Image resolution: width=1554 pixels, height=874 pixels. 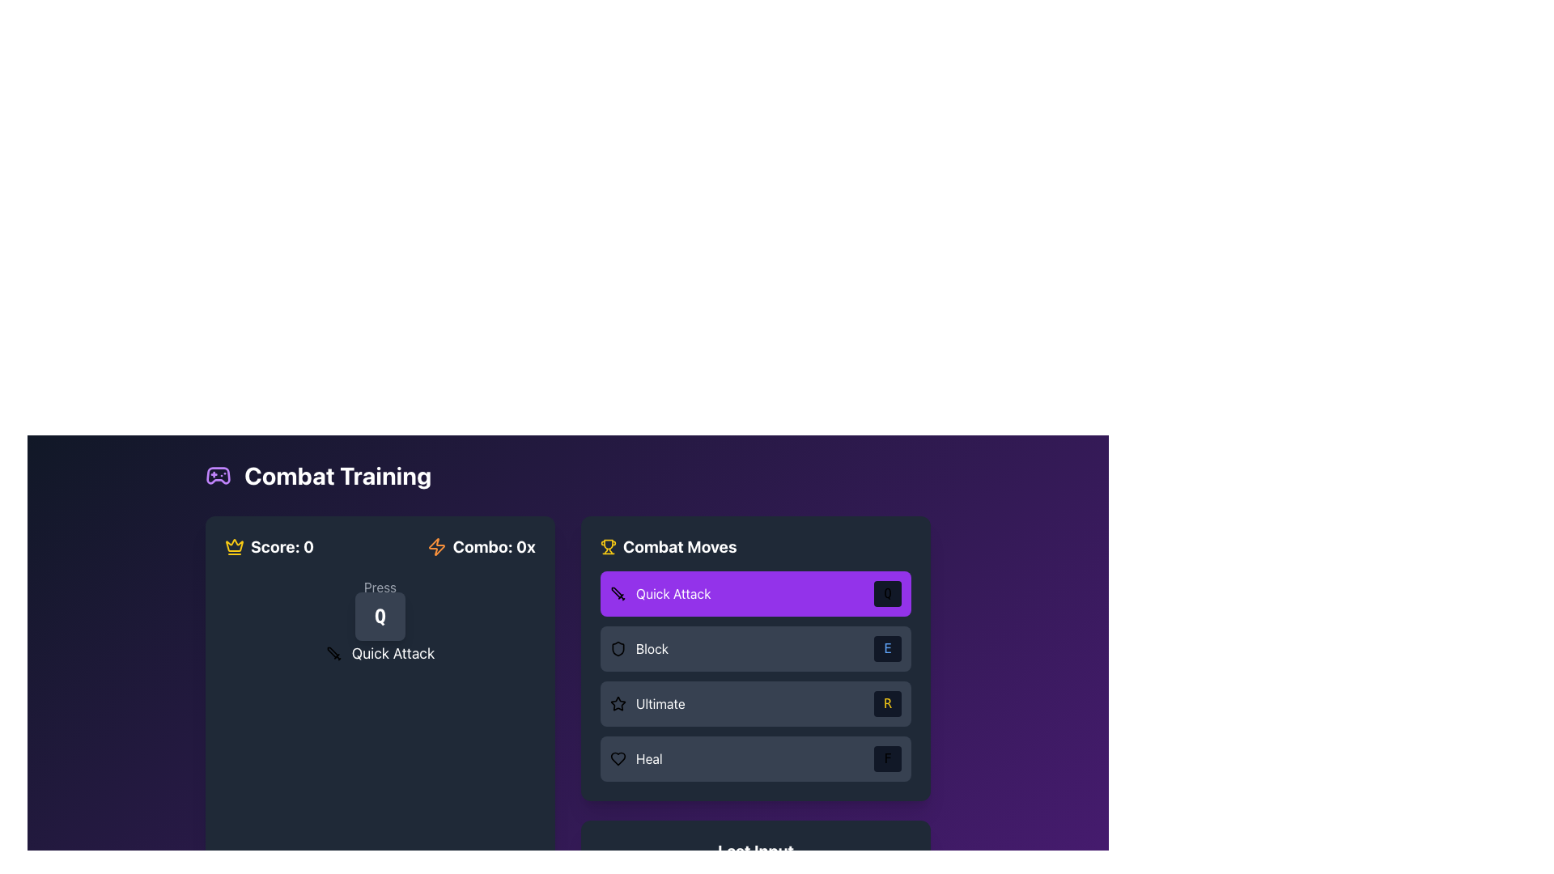 What do you see at coordinates (233, 545) in the screenshot?
I see `the icon representing 'score' or 'achievement' located to the left of the 'Score: 0' label in the 'Combat Training' section` at bounding box center [233, 545].